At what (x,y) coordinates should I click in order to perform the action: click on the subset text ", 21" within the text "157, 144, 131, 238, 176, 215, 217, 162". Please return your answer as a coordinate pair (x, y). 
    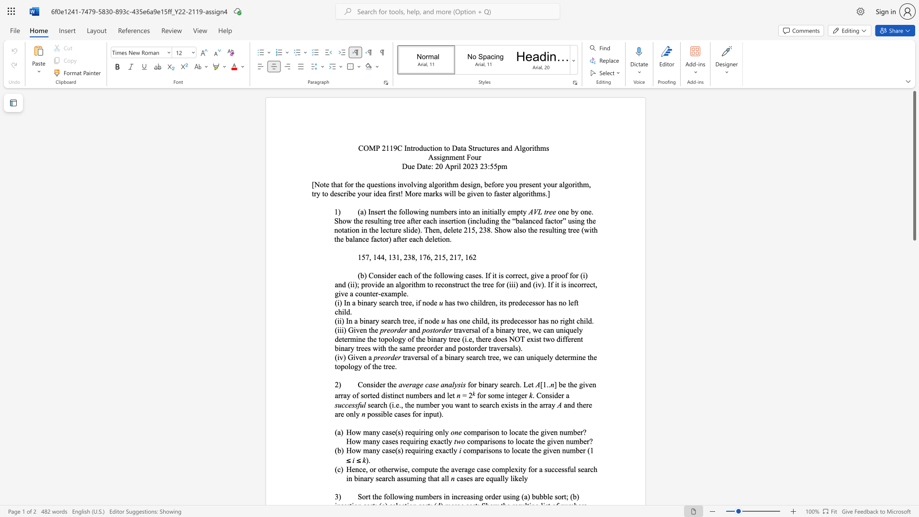
    Looking at the image, I should click on (445, 257).